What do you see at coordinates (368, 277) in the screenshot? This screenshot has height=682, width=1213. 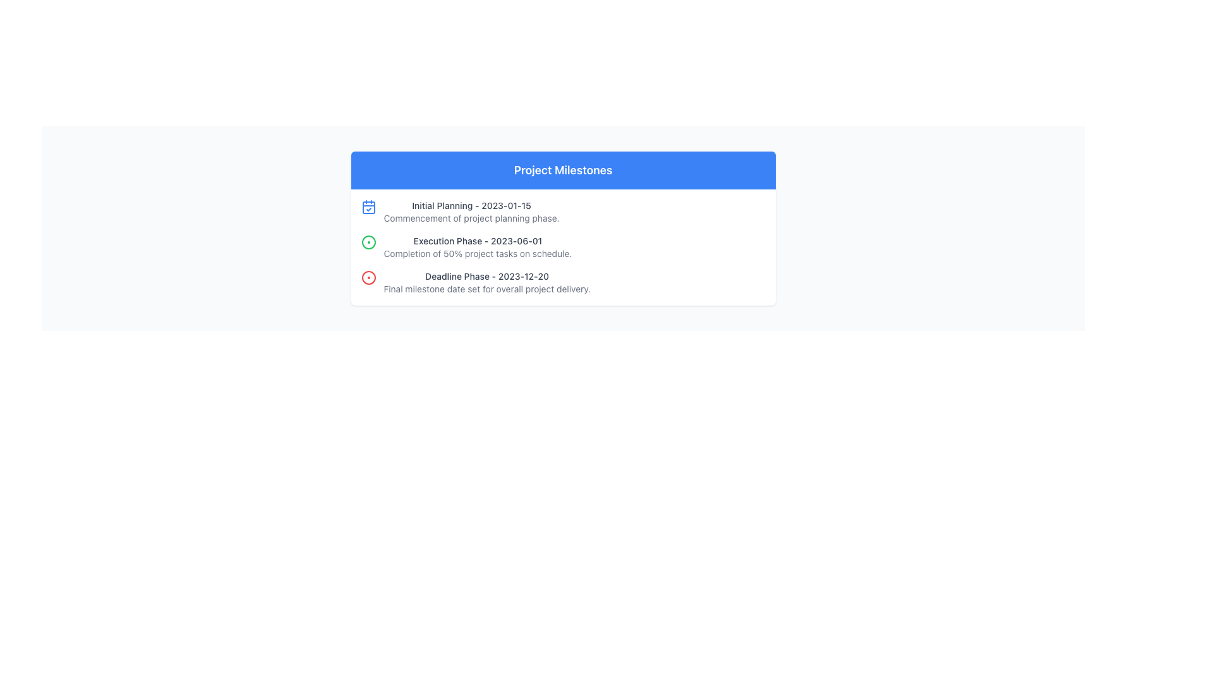 I see `the red circular icon indicating the 'Deadline Phase - 2023-12-20' milestone, which is located to the left of the milestone entry text in the project milestones section` at bounding box center [368, 277].